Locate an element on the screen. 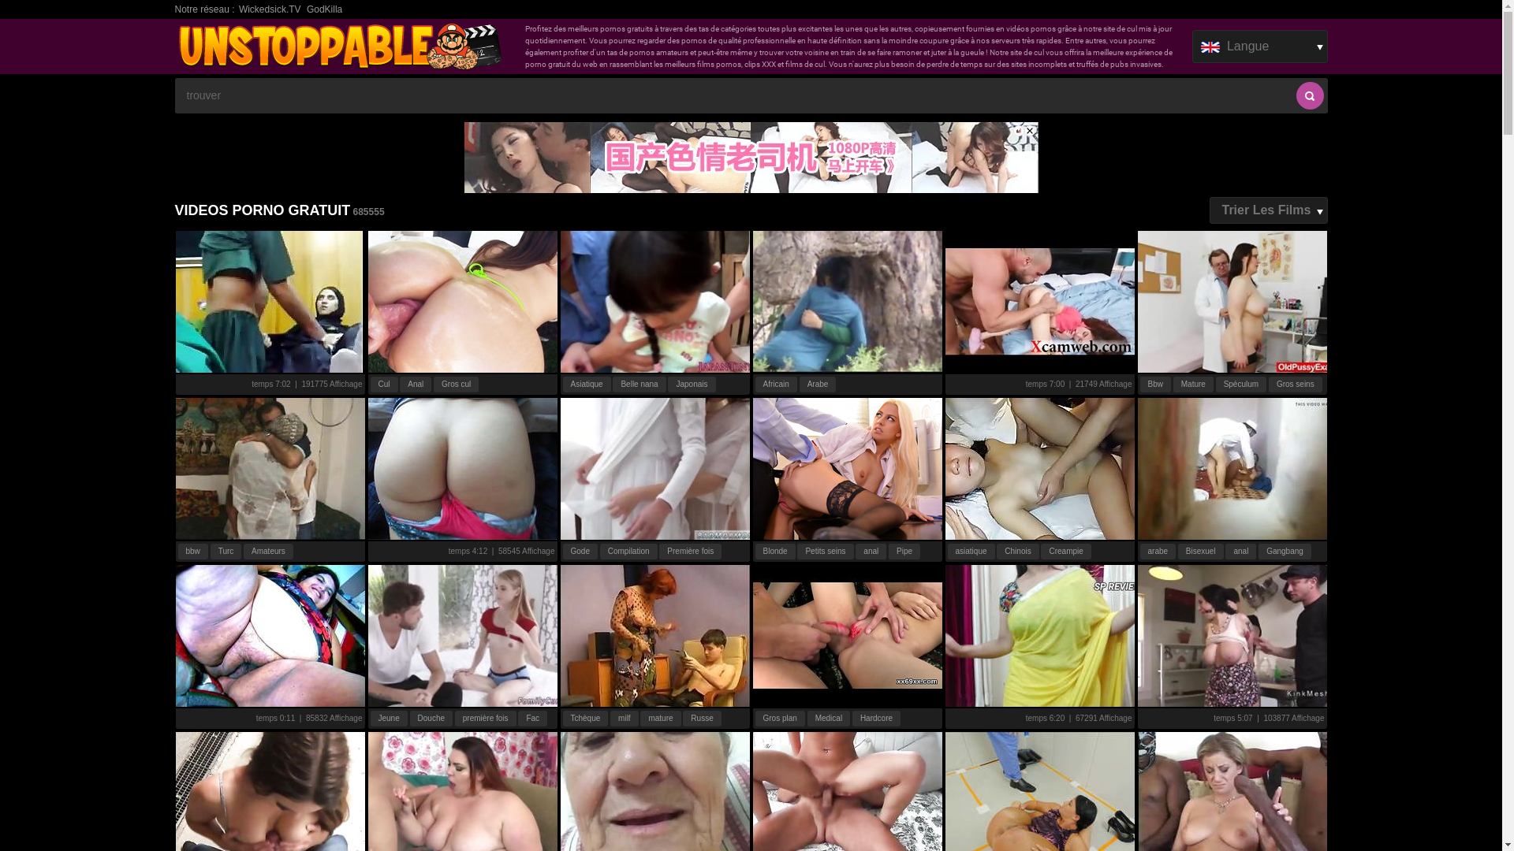  'Blonde' is located at coordinates (775, 550).